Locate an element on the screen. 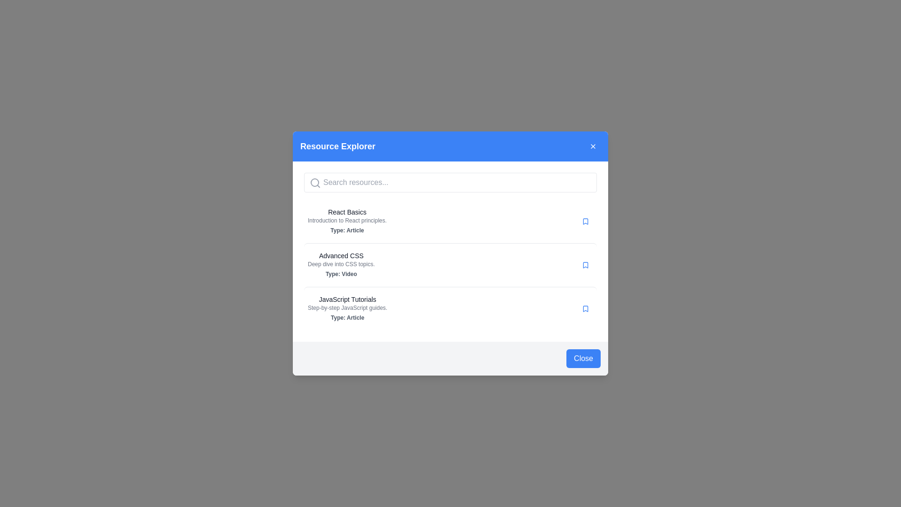 This screenshot has height=507, width=901. the 'X' icon button located in the top-right corner of the 'Resource Explorer' modal is located at coordinates (592, 146).